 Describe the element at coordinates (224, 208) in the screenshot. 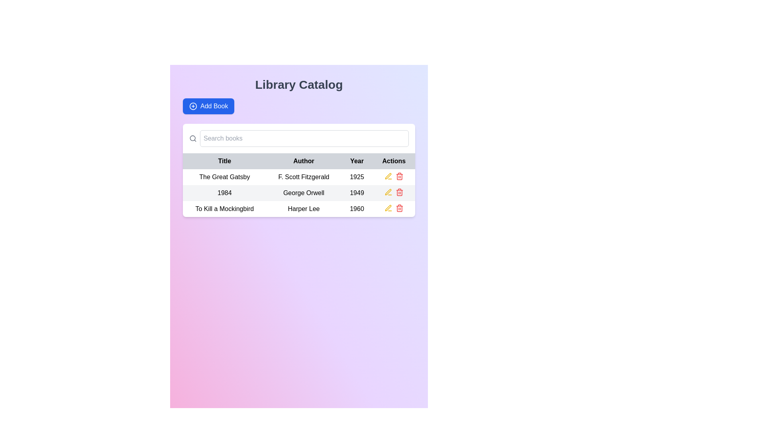

I see `the text label displaying 'To Kill a Mockingbird' located in the third row of a table under the 'Title' column` at that location.